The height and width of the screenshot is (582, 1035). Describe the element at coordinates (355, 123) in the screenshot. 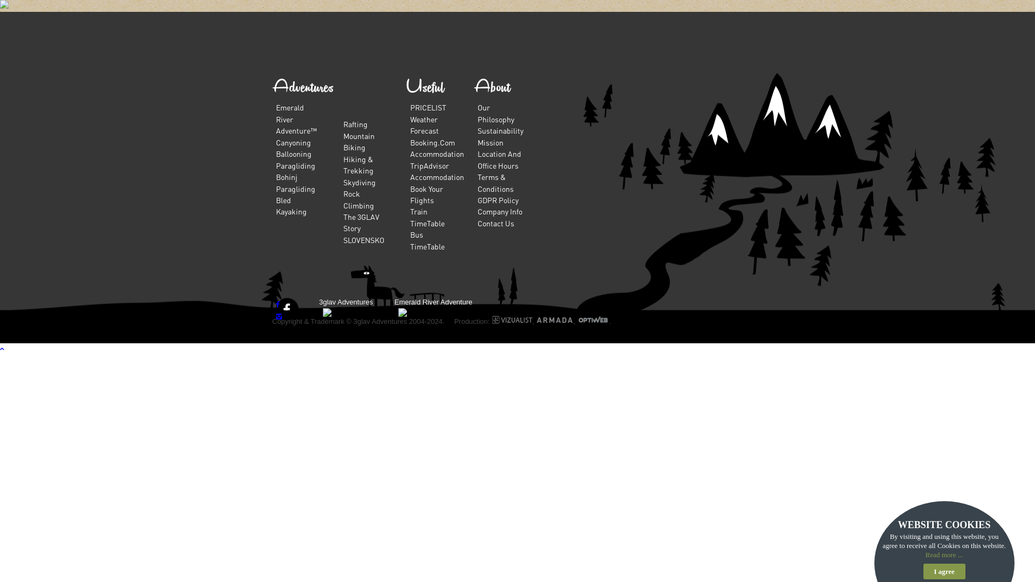

I see `'Rafting'` at that location.